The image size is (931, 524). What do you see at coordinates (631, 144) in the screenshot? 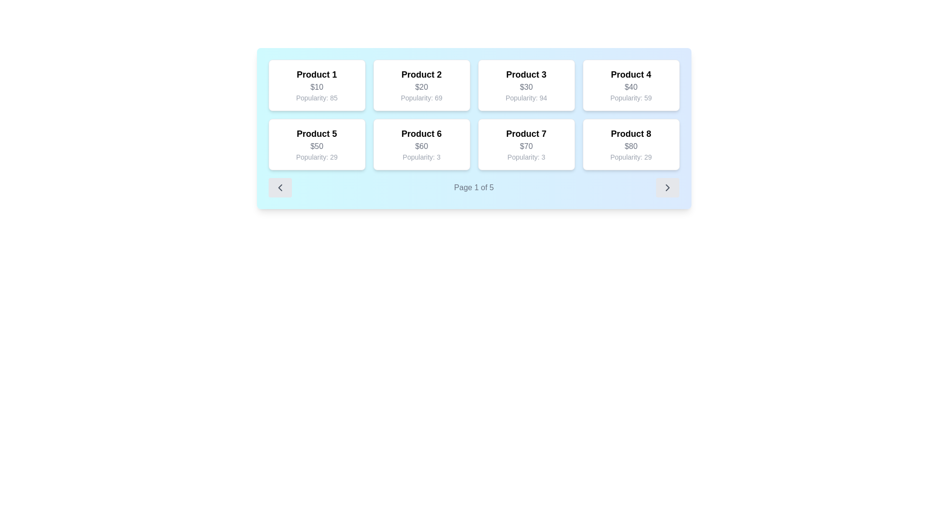
I see `the informational card displaying product details located in the second row and fourth column of the product grid` at bounding box center [631, 144].